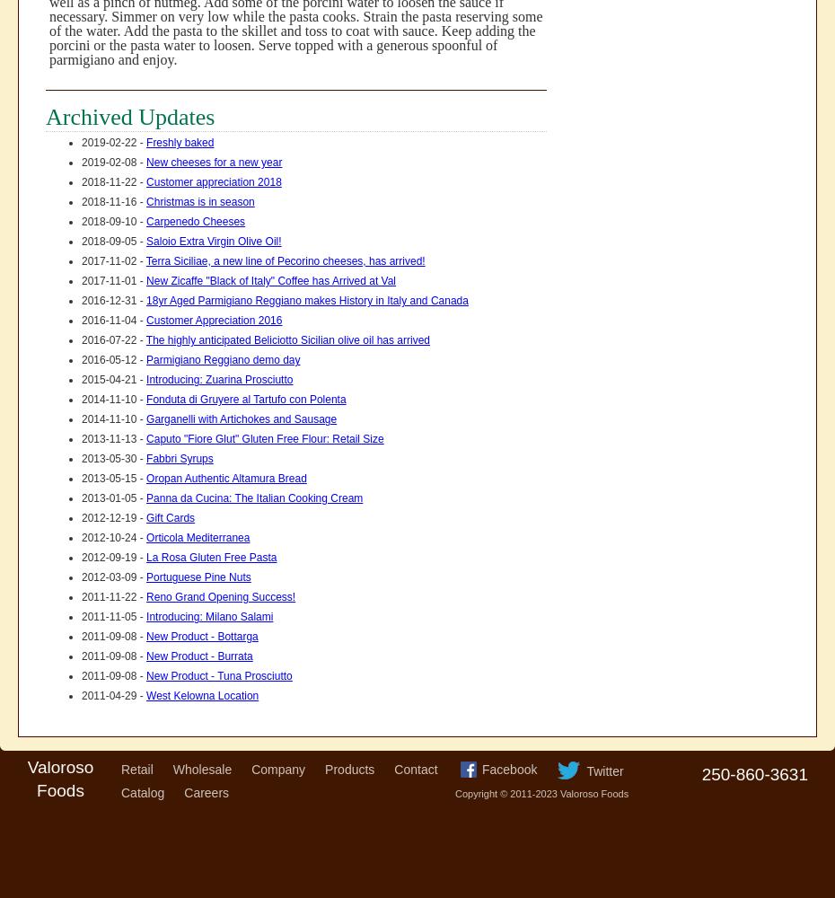  Describe the element at coordinates (223, 360) in the screenshot. I see `'Parmigiano Reggiano demo day'` at that location.